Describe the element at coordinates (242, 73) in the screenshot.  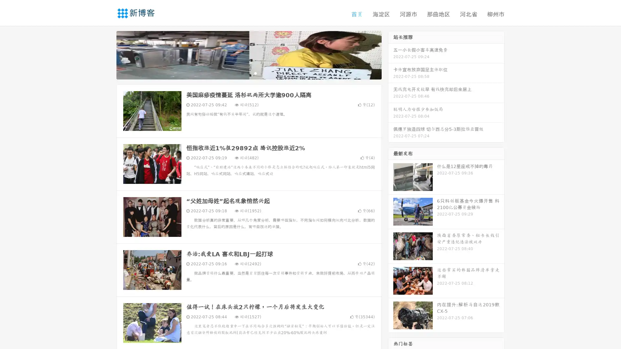
I see `Go to slide 1` at that location.